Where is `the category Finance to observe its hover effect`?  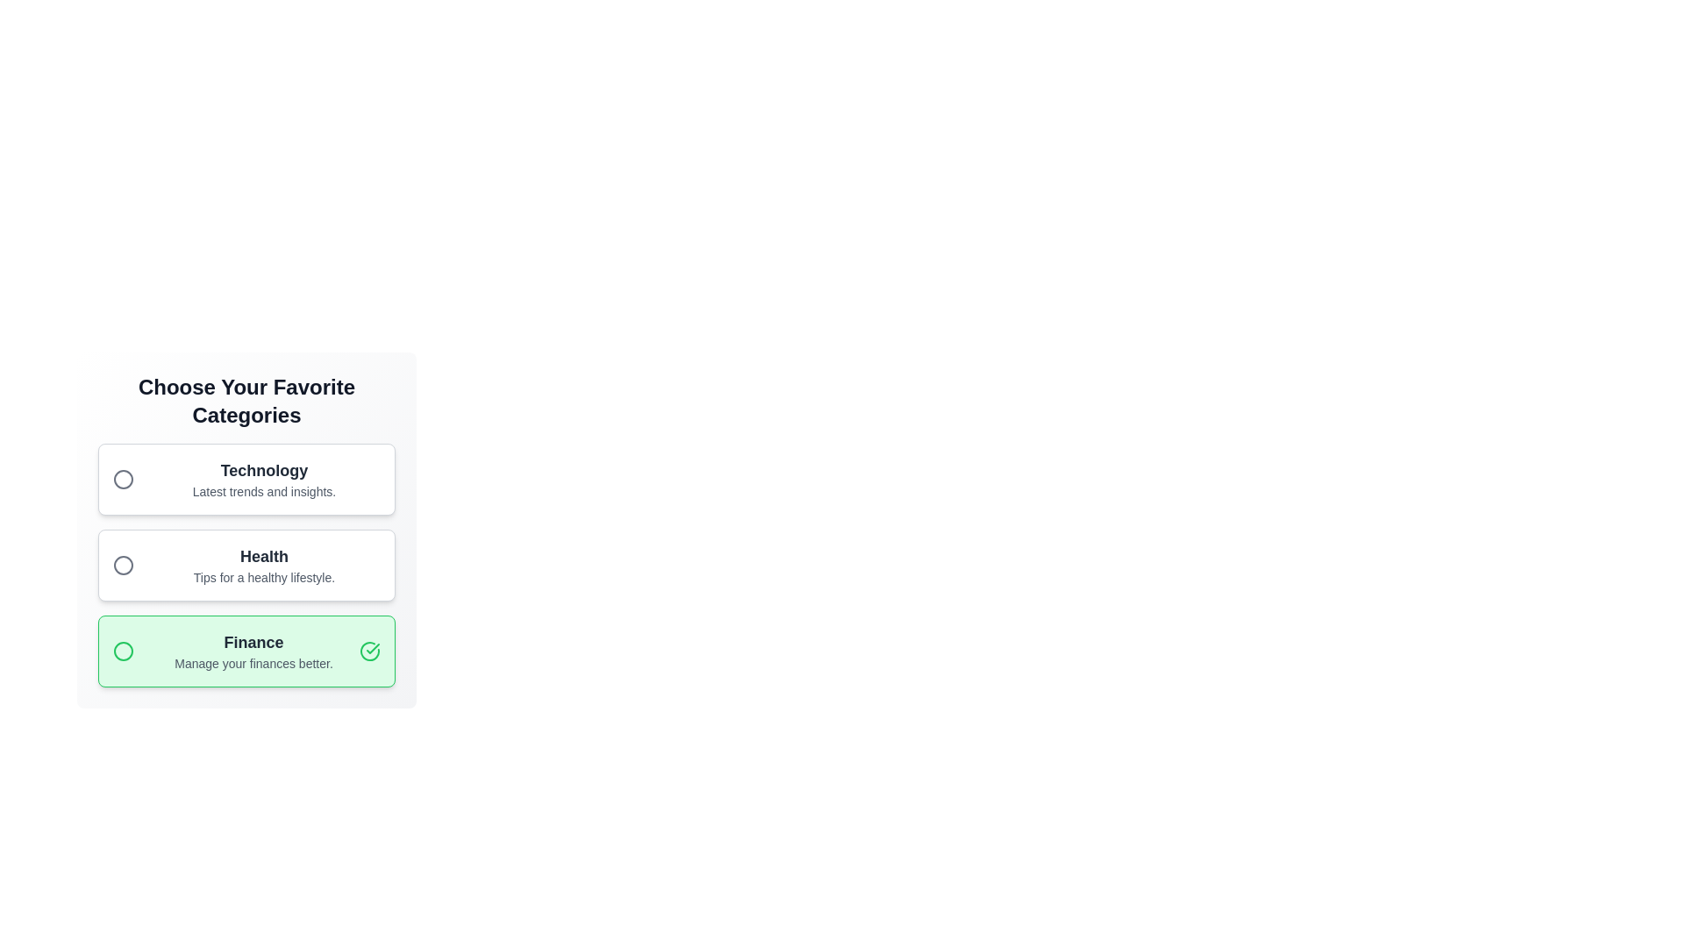 the category Finance to observe its hover effect is located at coordinates (246, 652).